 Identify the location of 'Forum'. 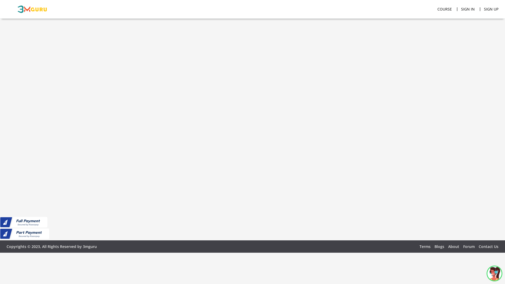
(469, 246).